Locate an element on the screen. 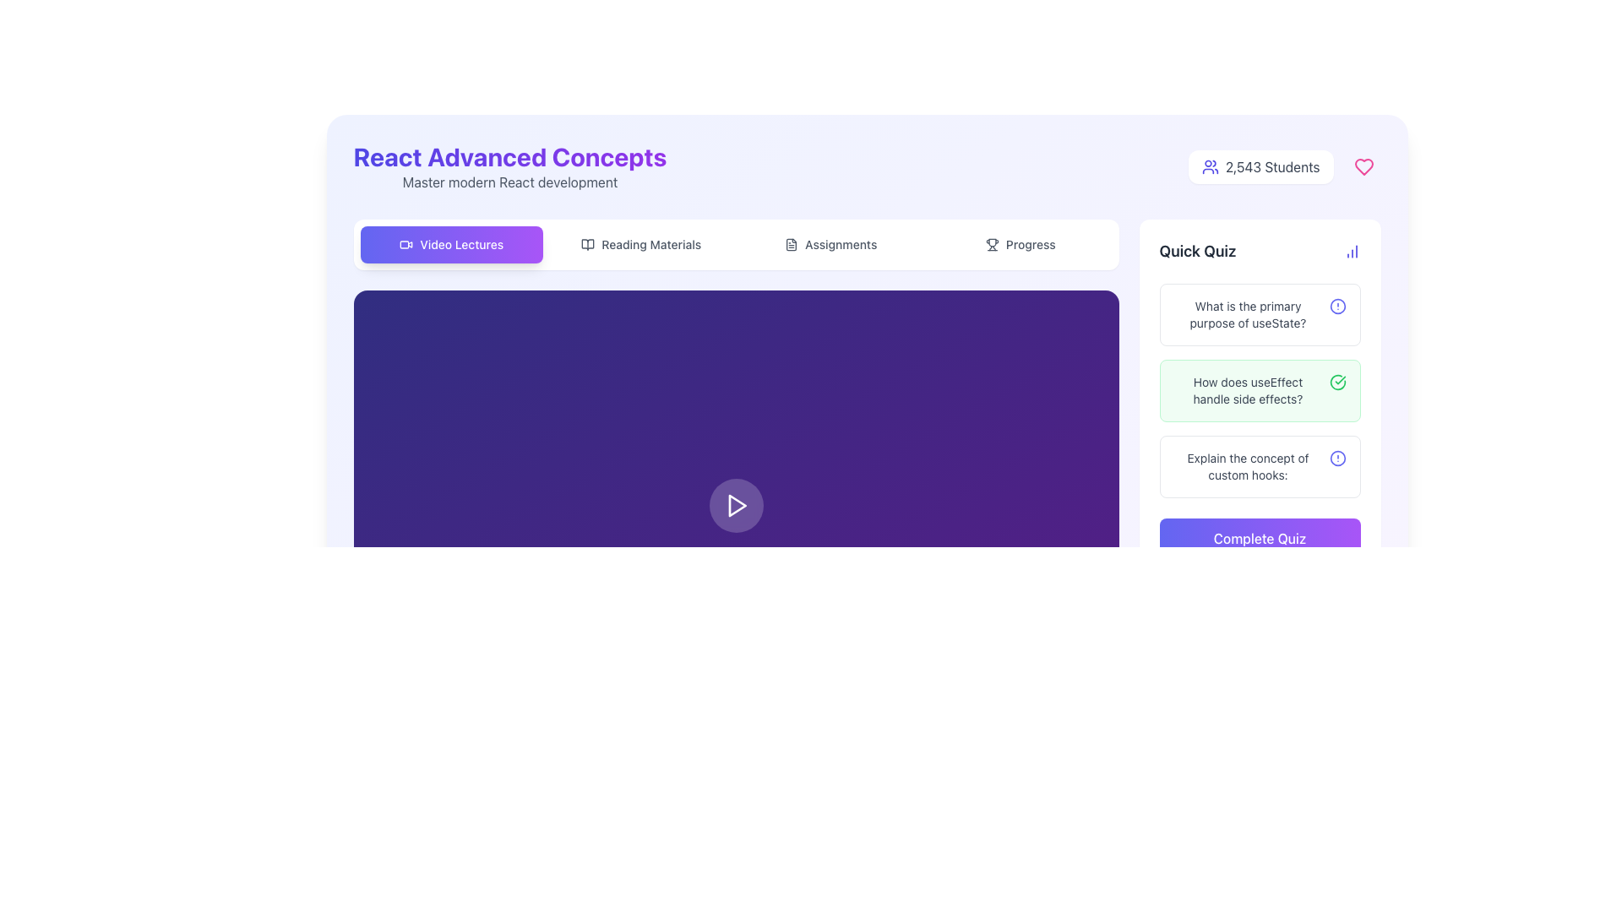 The height and width of the screenshot is (912, 1622). the circular alert icon with a purple outline located next to the text 'Explain the concept of custom hooks:' in the quiz question list is located at coordinates (1336, 459).